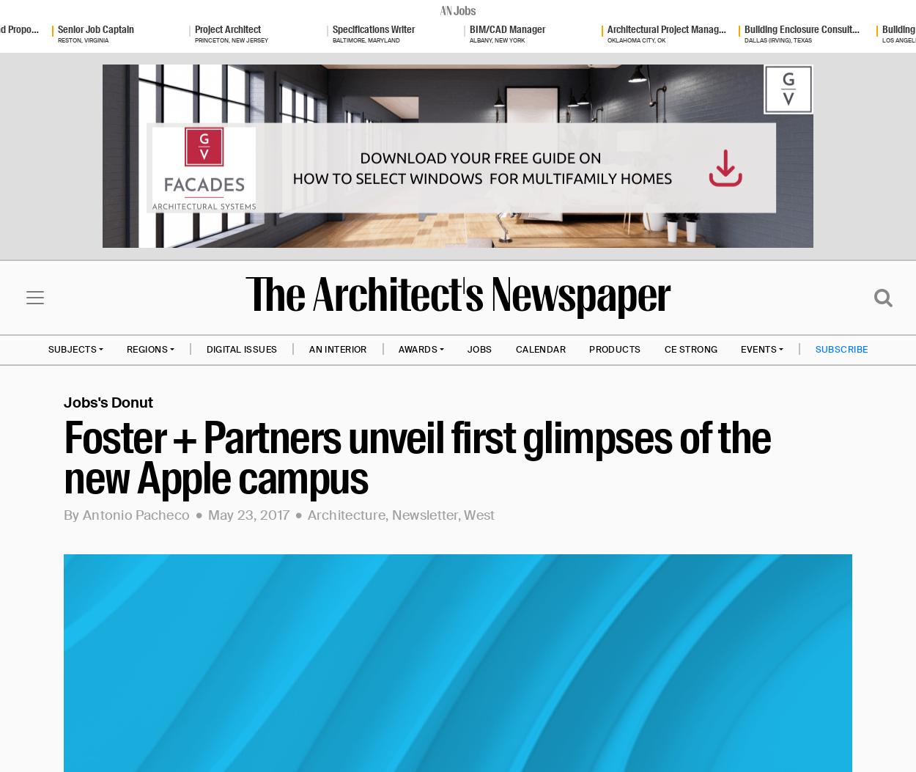 This screenshot has width=916, height=772. I want to click on 'Antonio Pacheco', so click(81, 515).